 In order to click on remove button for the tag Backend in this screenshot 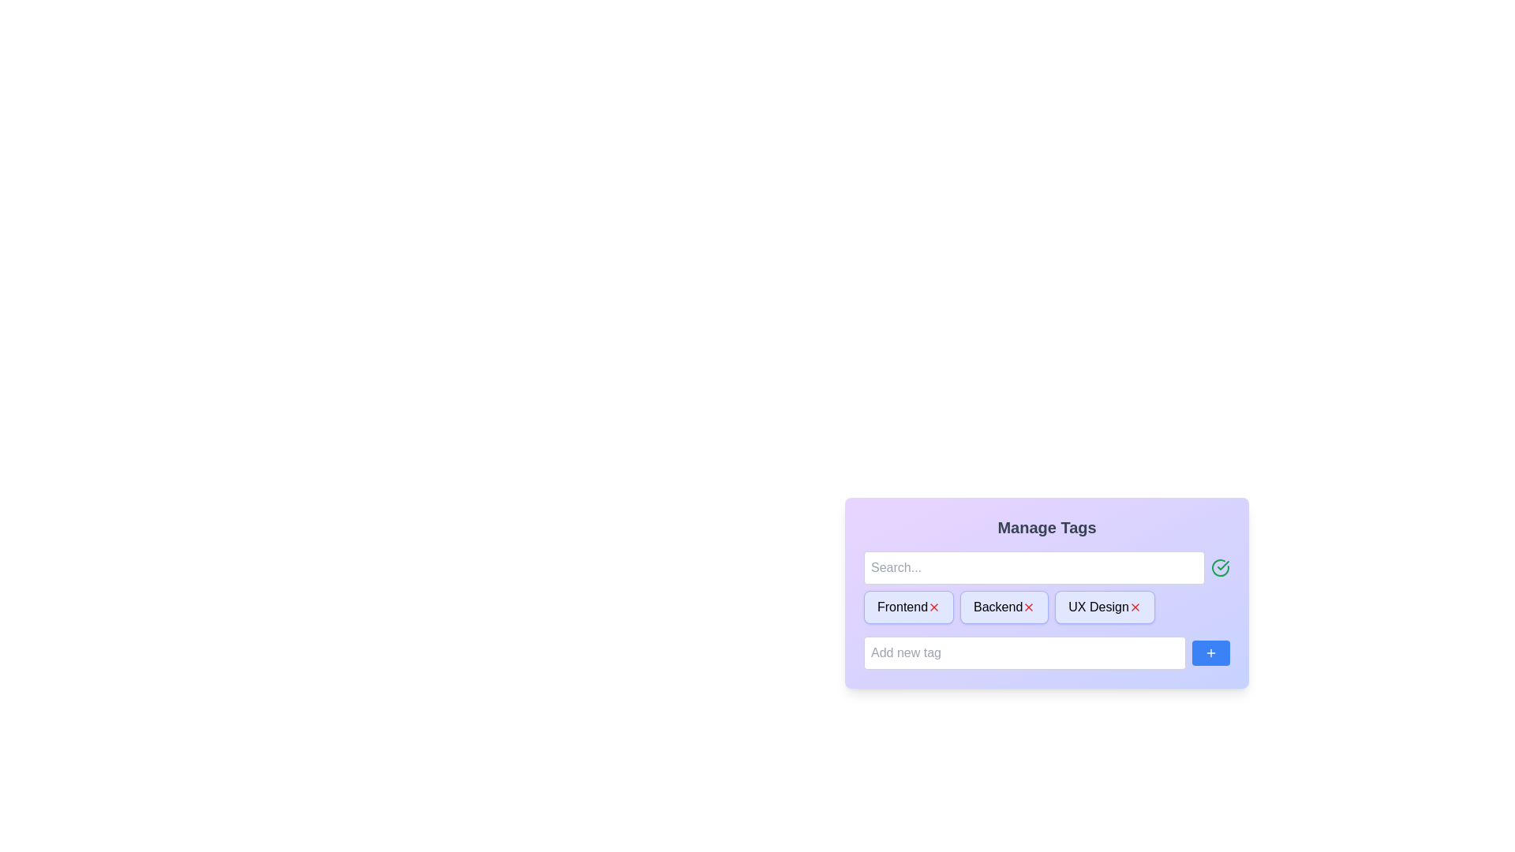, I will do `click(1029, 607)`.